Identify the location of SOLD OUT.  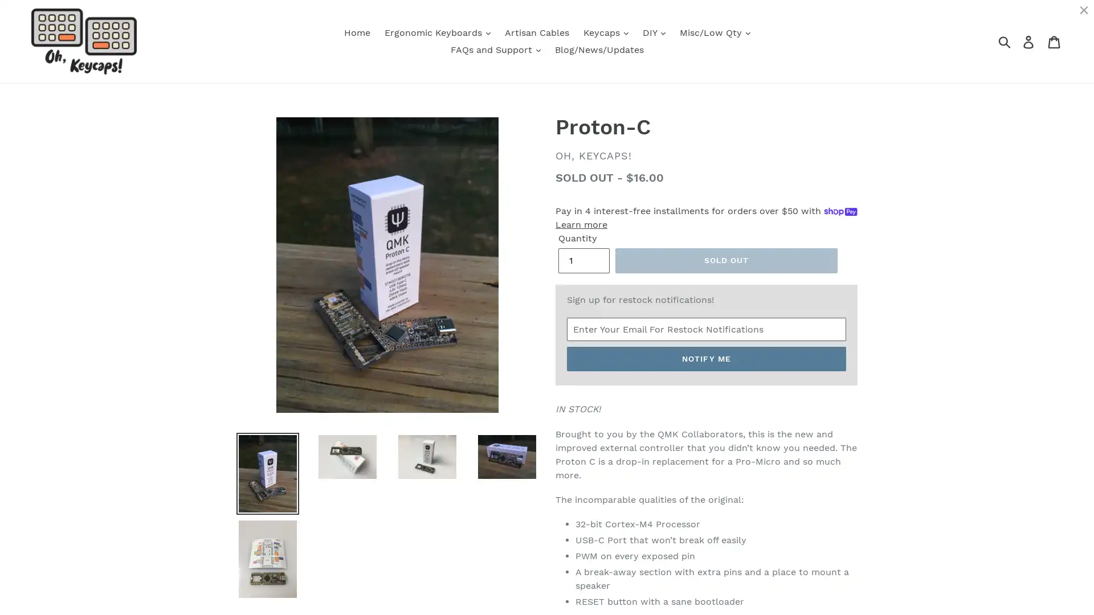
(726, 261).